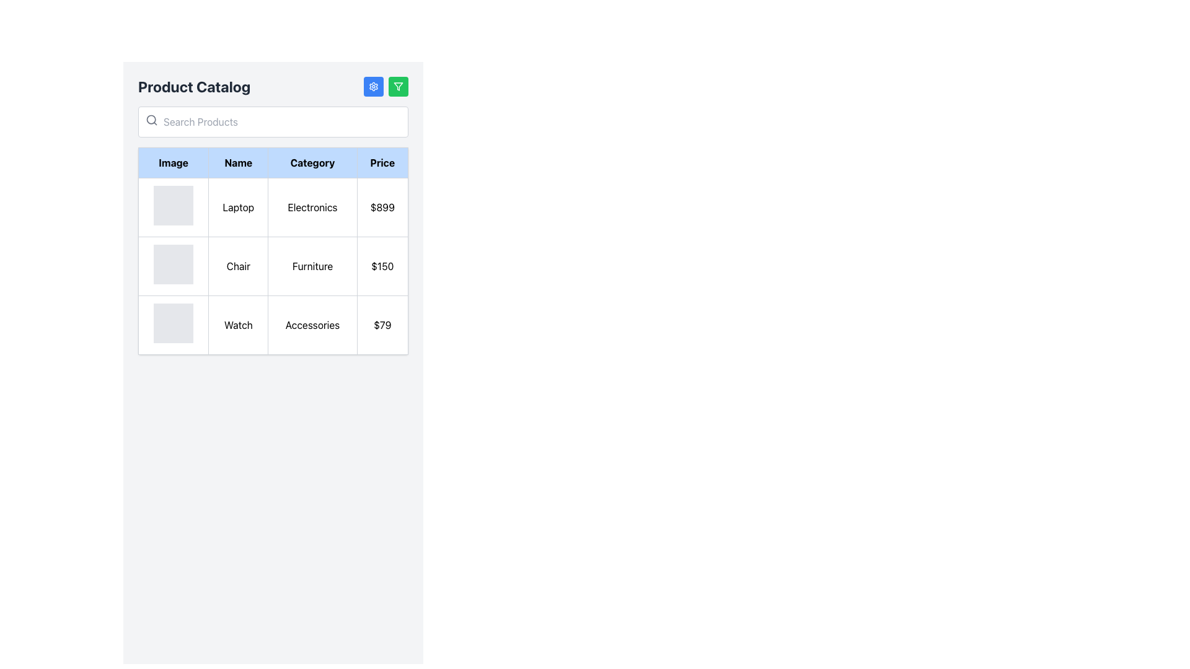 Image resolution: width=1190 pixels, height=669 pixels. What do you see at coordinates (238, 162) in the screenshot?
I see `the 'Name' table header cell, which has a light blue background and bold centered black text` at bounding box center [238, 162].